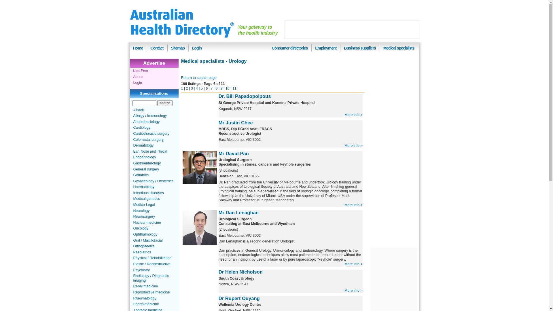  I want to click on 'Oral / Maxillofacial', so click(148, 240).